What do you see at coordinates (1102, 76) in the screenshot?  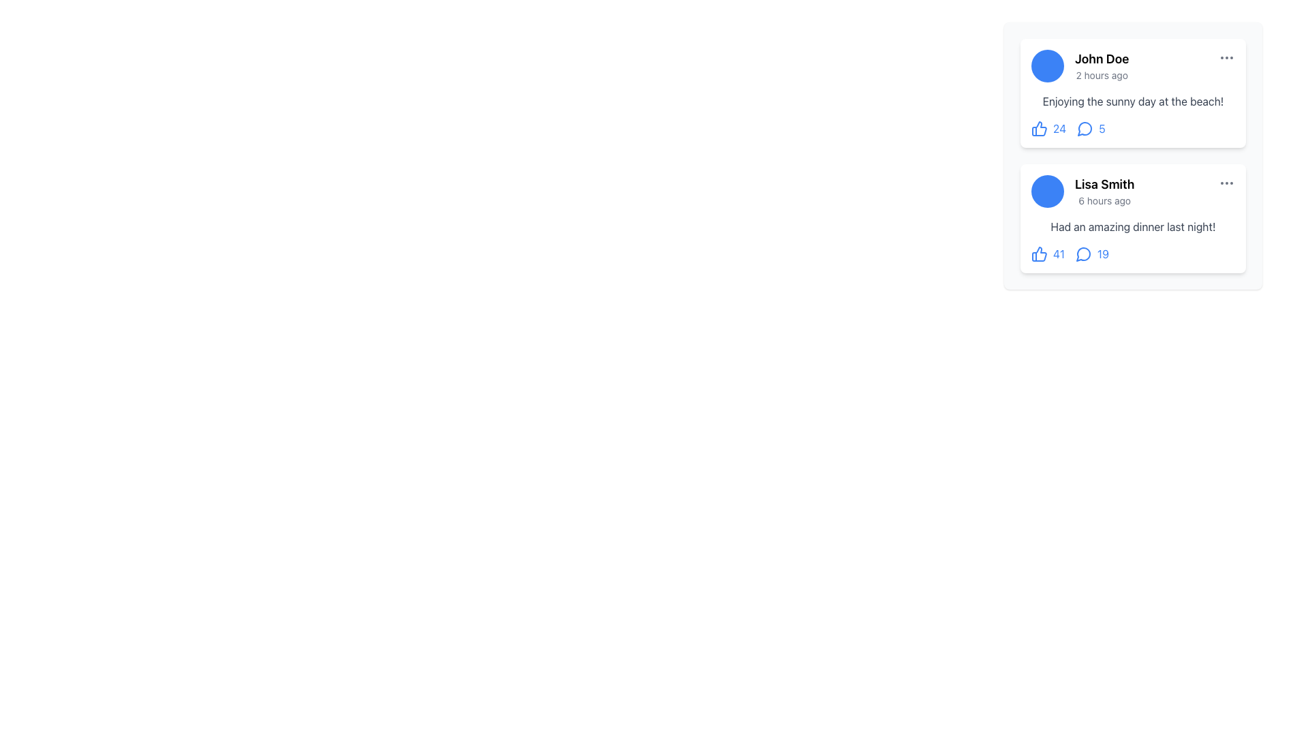 I see `the timestamp text label that indicates the post was made 2 hours ago, located beneath the username 'John Doe' and above the content of the post` at bounding box center [1102, 76].